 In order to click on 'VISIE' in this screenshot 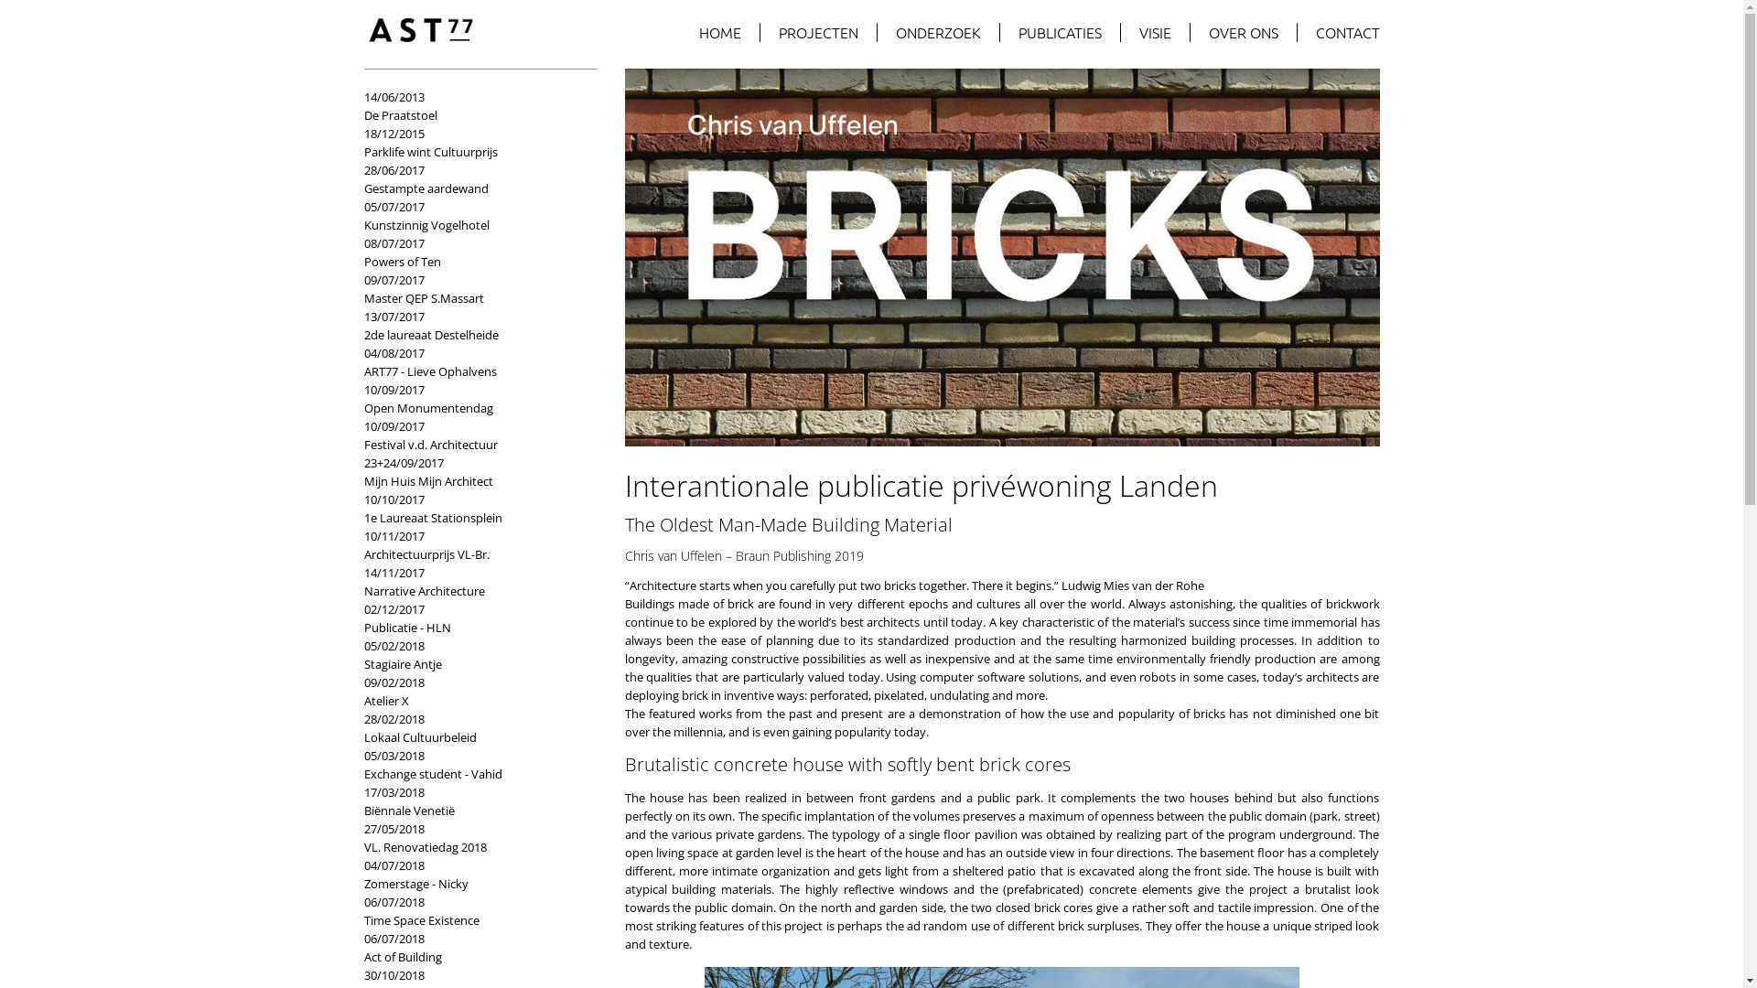, I will do `click(1154, 32)`.